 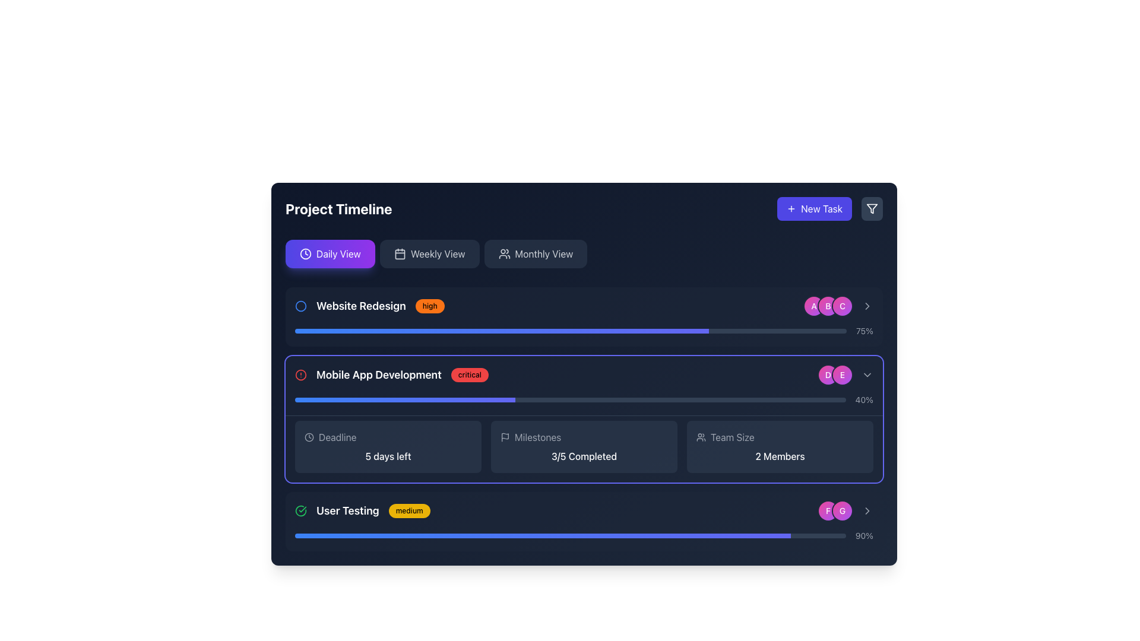 I want to click on the Chevron Right icon located at the right of elements 'F' and 'G' in the bottommost section of the interface, so click(x=867, y=510).